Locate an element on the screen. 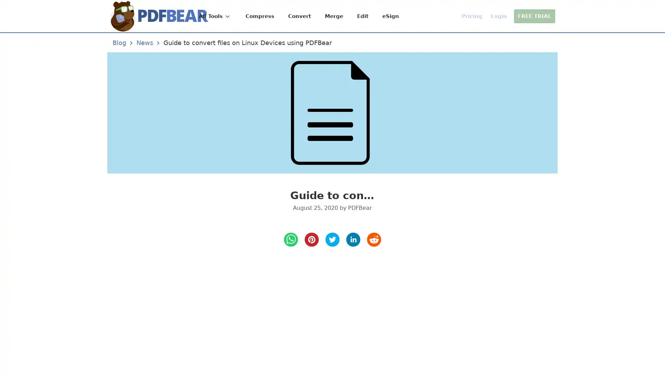 This screenshot has width=665, height=374. eSign is located at coordinates (390, 16).